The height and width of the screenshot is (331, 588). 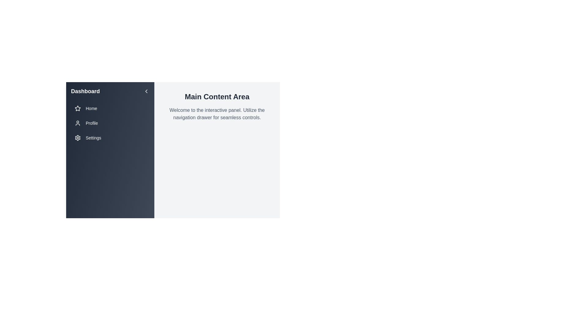 What do you see at coordinates (77, 123) in the screenshot?
I see `the 'Profile' icon in the sidebar menu, which is located adjacent to the 'Profile' text` at bounding box center [77, 123].